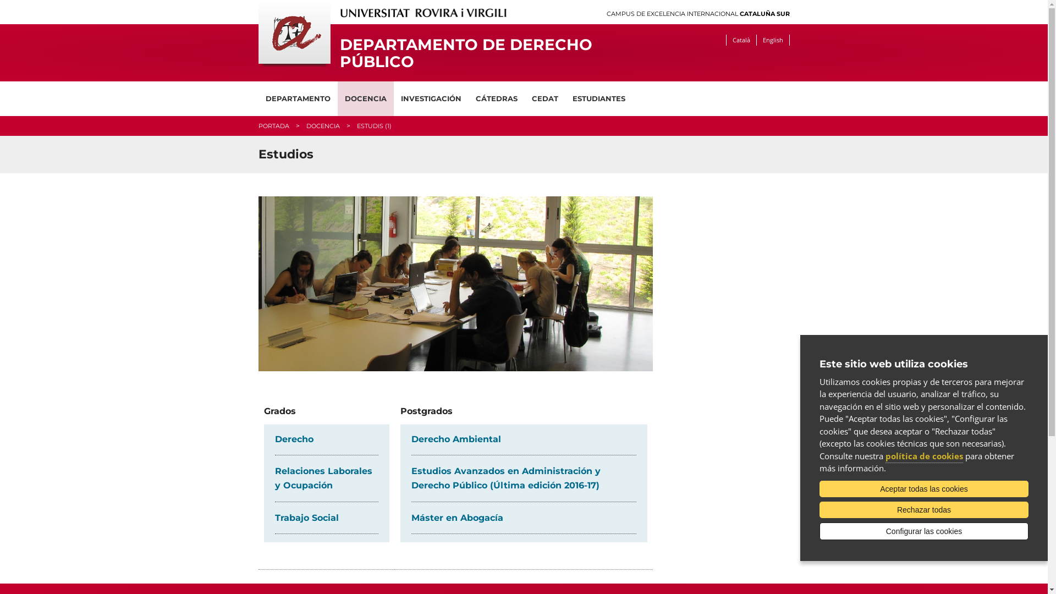 The image size is (1056, 594). What do you see at coordinates (322, 125) in the screenshot?
I see `'DOCENCIA'` at bounding box center [322, 125].